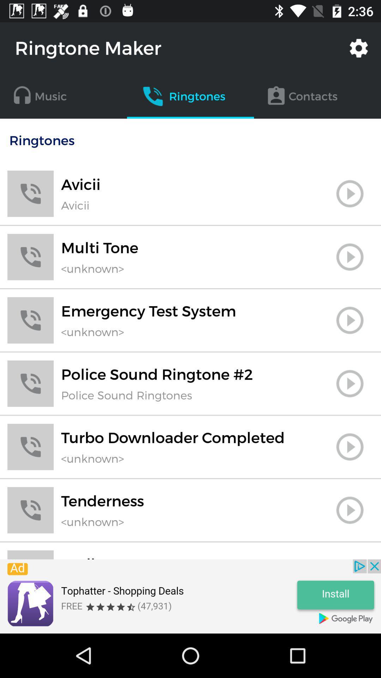 This screenshot has height=678, width=381. Describe the element at coordinates (350, 194) in the screenshot. I see `menu open button` at that location.